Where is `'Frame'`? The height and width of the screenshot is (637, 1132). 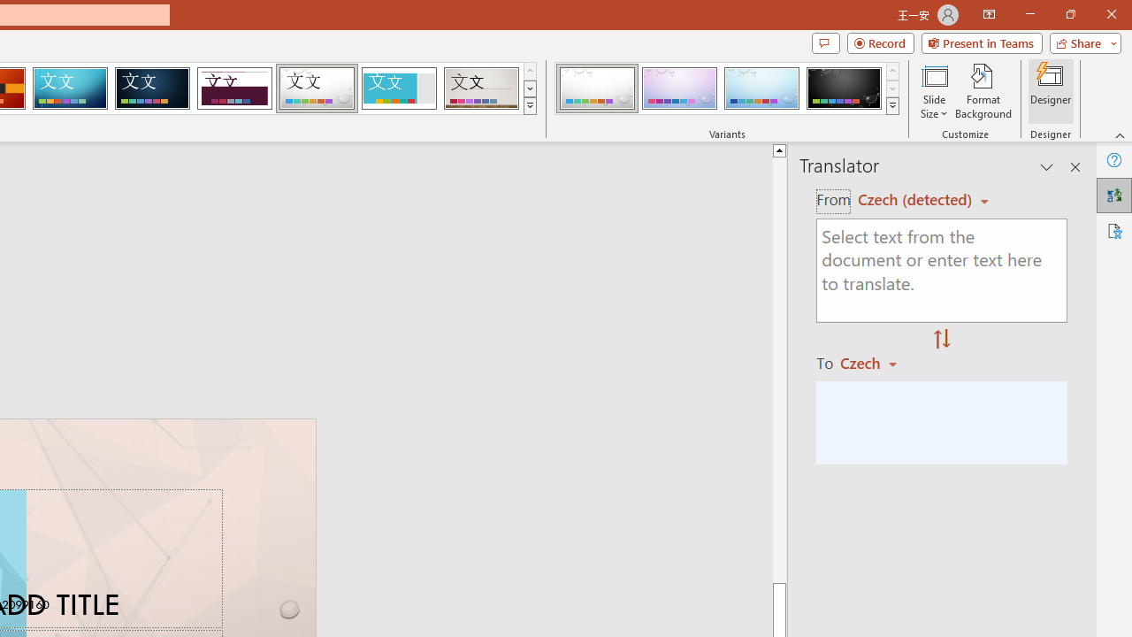
'Frame' is located at coordinates (398, 88).